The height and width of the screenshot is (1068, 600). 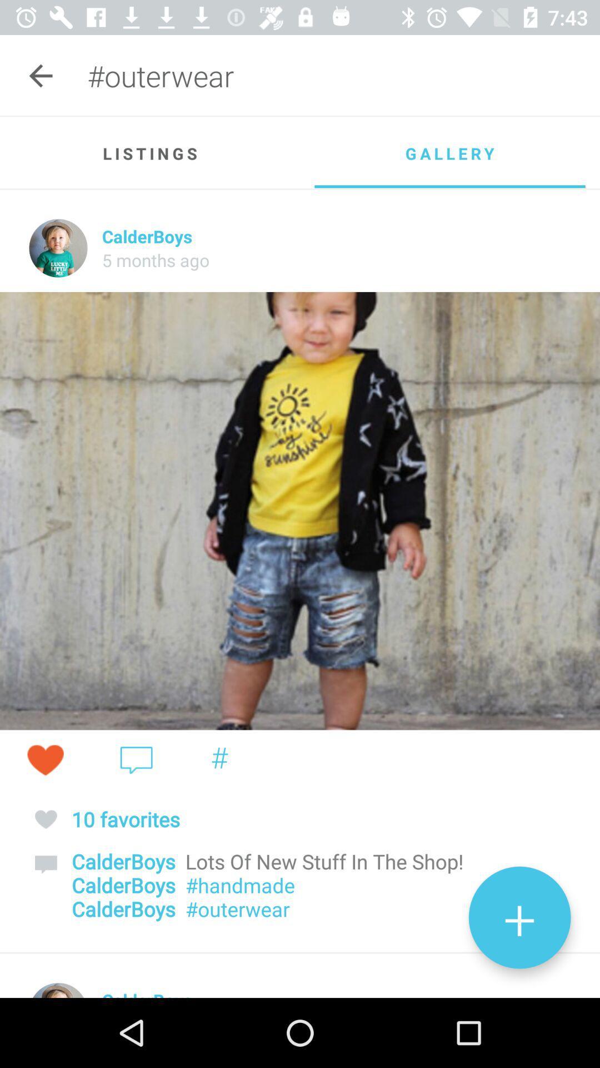 I want to click on comment, so click(x=136, y=759).